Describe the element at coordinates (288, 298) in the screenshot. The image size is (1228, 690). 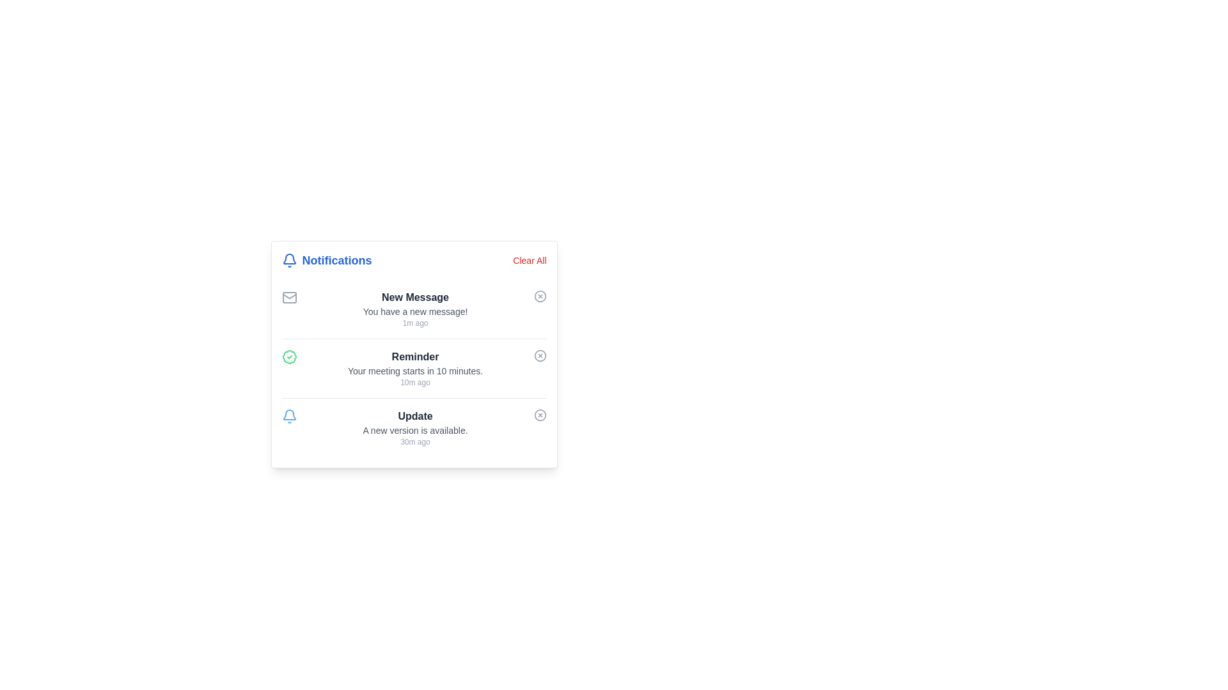
I see `the gray envelope icon indicating a new message, located at the far left of the notification section` at that location.